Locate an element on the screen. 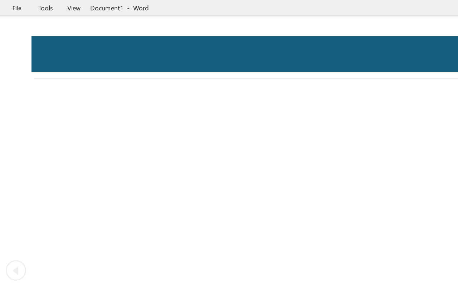 The image size is (458, 286). 'Tools' is located at coordinates (45, 8).